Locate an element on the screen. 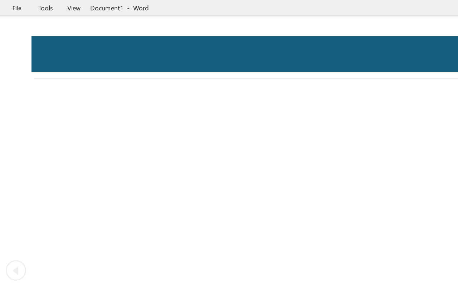 The image size is (458, 286). 'Tools' is located at coordinates (45, 8).